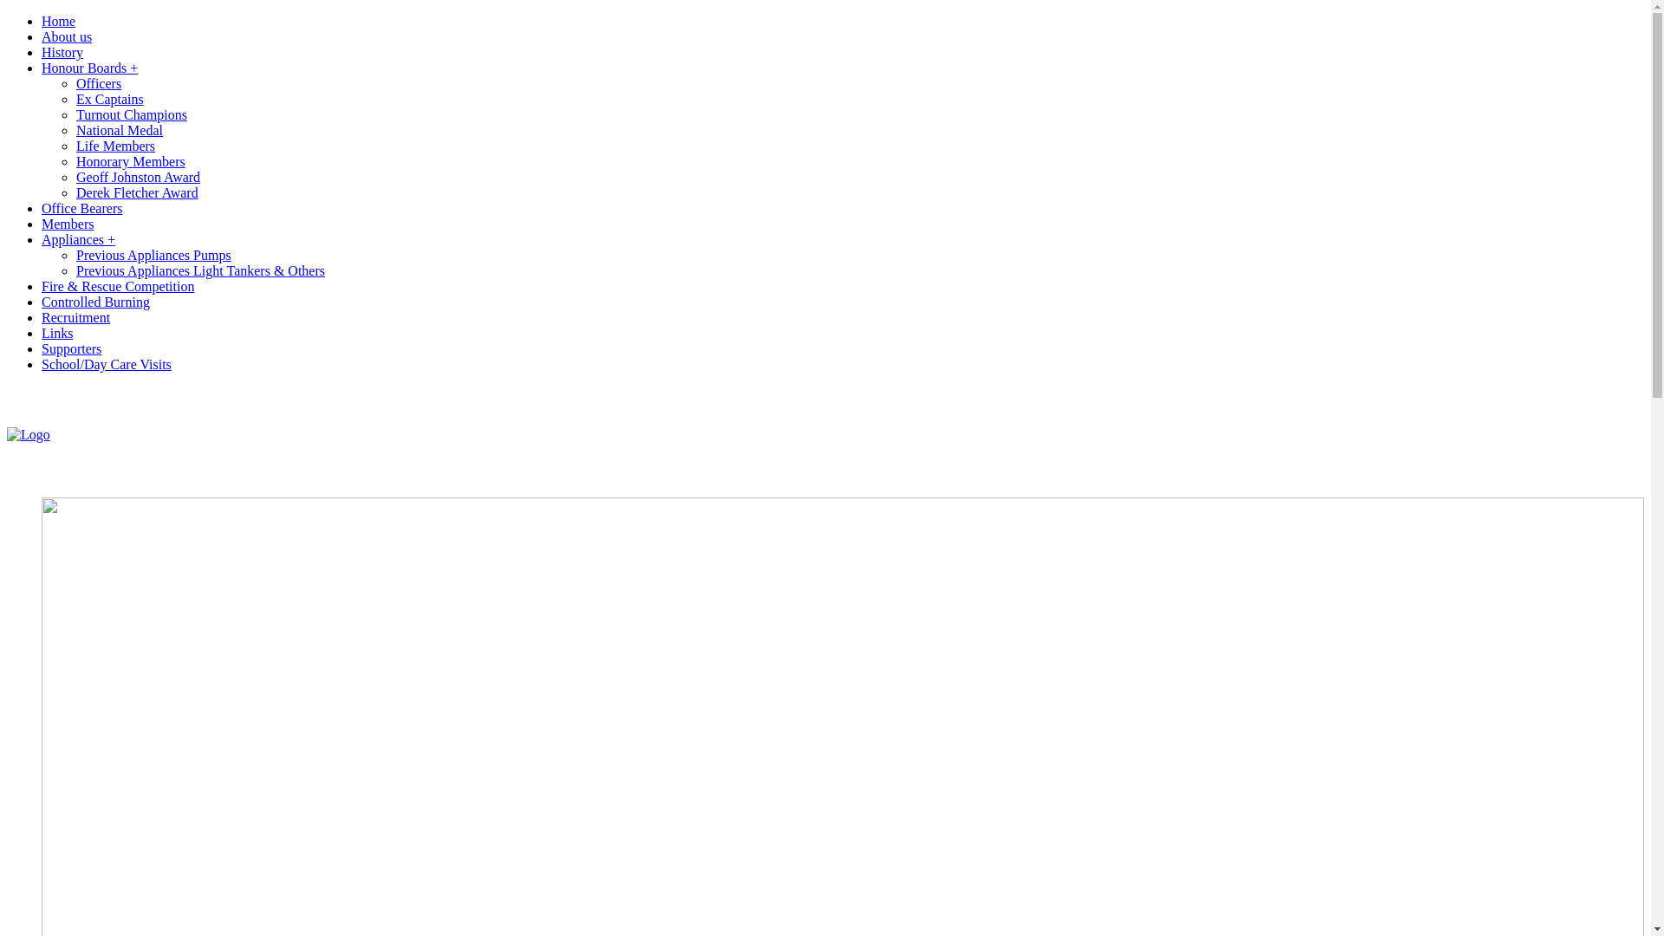 The image size is (1664, 936). Describe the element at coordinates (67, 223) in the screenshot. I see `'Members'` at that location.